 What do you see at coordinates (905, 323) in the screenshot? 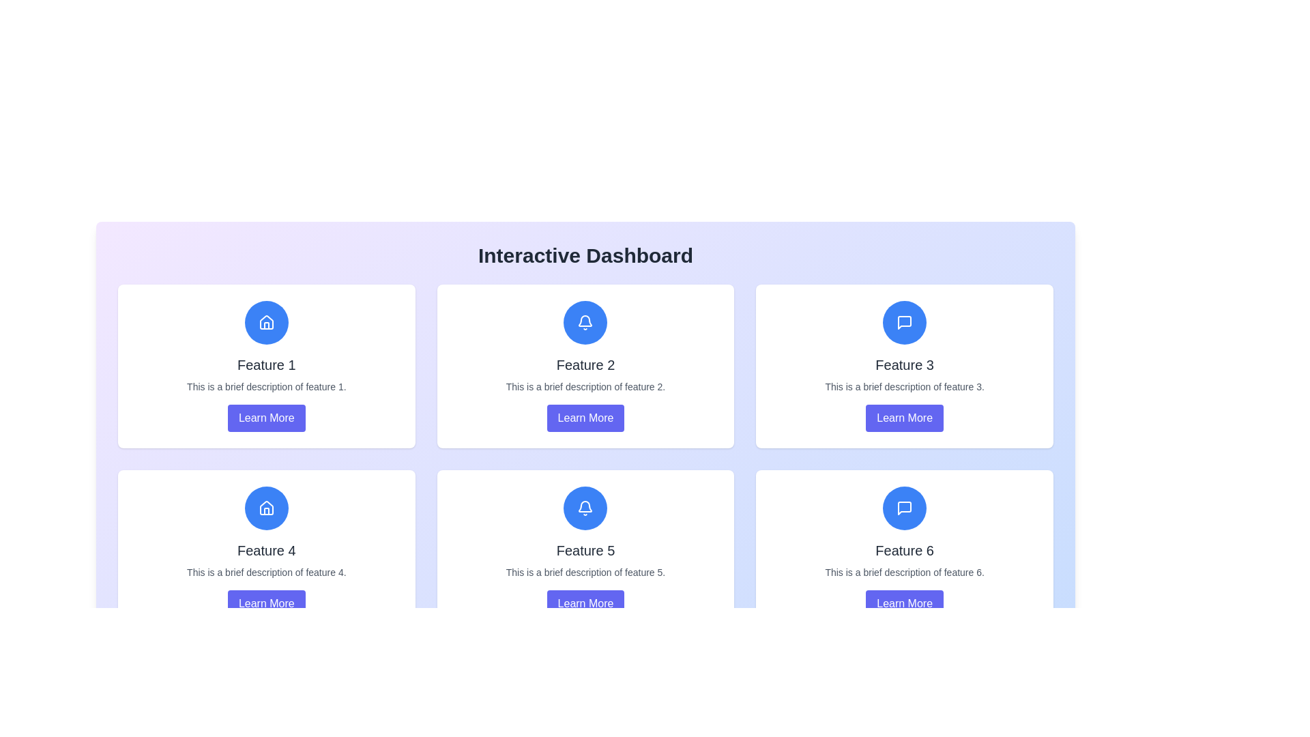
I see `the circular button with a blue background and a white speech bubble icon located at the top-center of the 'Feature 3' card` at bounding box center [905, 323].